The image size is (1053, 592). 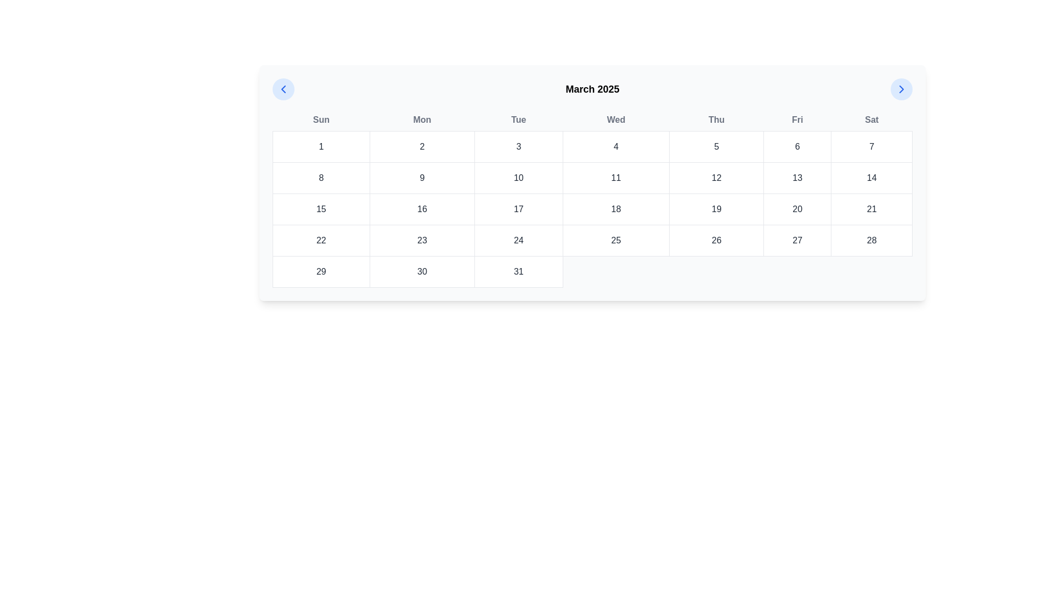 What do you see at coordinates (592, 177) in the screenshot?
I see `the horizontal date segment displaying dates '8' to '14' within the calendar grid` at bounding box center [592, 177].